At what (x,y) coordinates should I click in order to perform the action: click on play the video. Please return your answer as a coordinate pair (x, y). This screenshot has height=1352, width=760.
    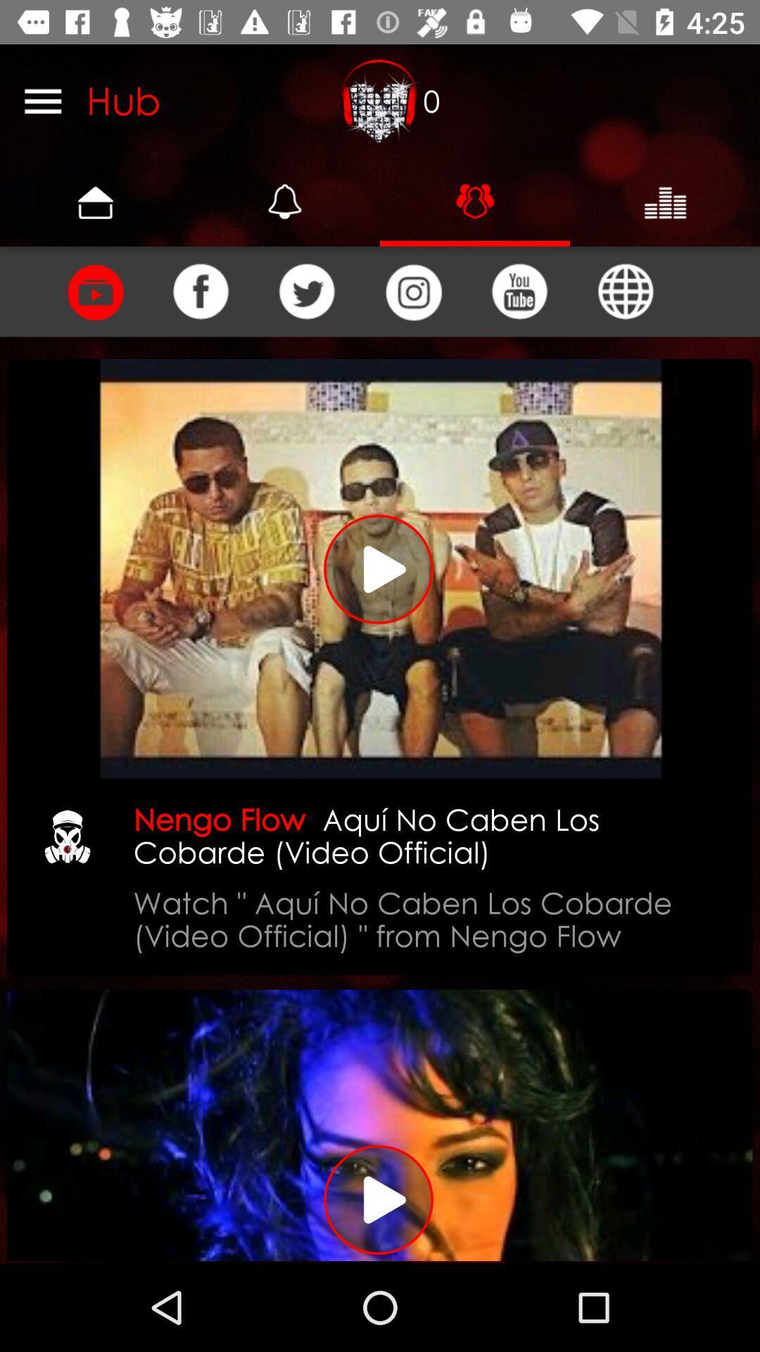
    Looking at the image, I should click on (380, 1125).